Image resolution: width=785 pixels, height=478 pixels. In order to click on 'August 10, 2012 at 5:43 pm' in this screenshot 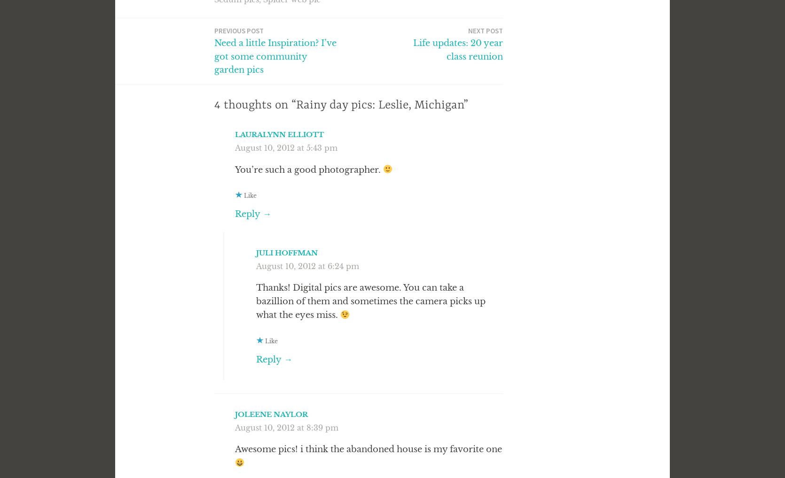, I will do `click(286, 146)`.